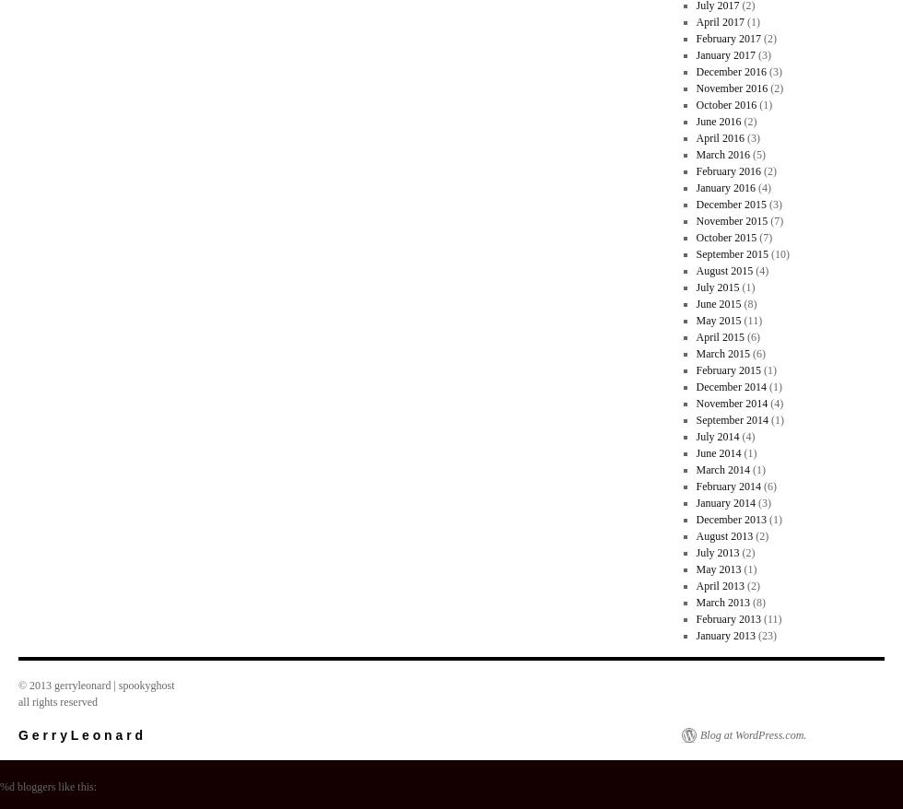  Describe the element at coordinates (7, 787) in the screenshot. I see `'%d'` at that location.